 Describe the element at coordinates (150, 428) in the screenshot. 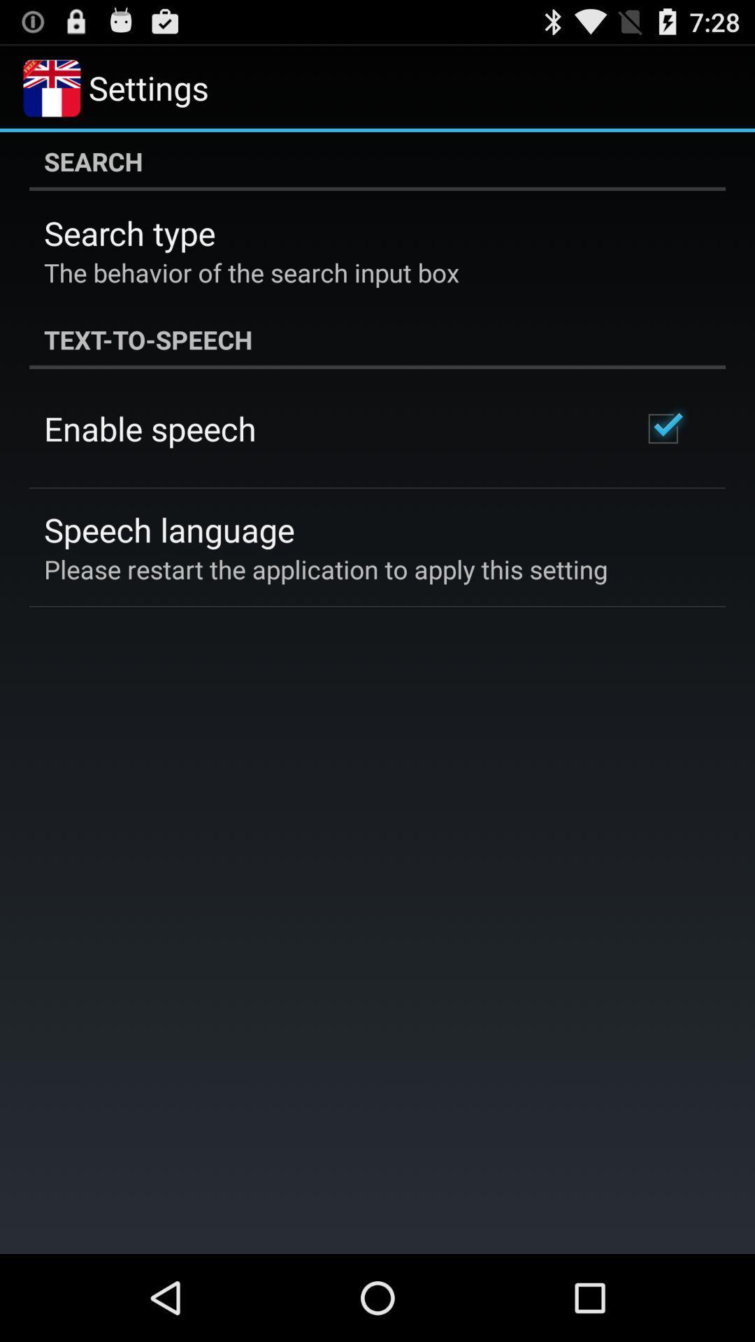

I see `enable speech item` at that location.